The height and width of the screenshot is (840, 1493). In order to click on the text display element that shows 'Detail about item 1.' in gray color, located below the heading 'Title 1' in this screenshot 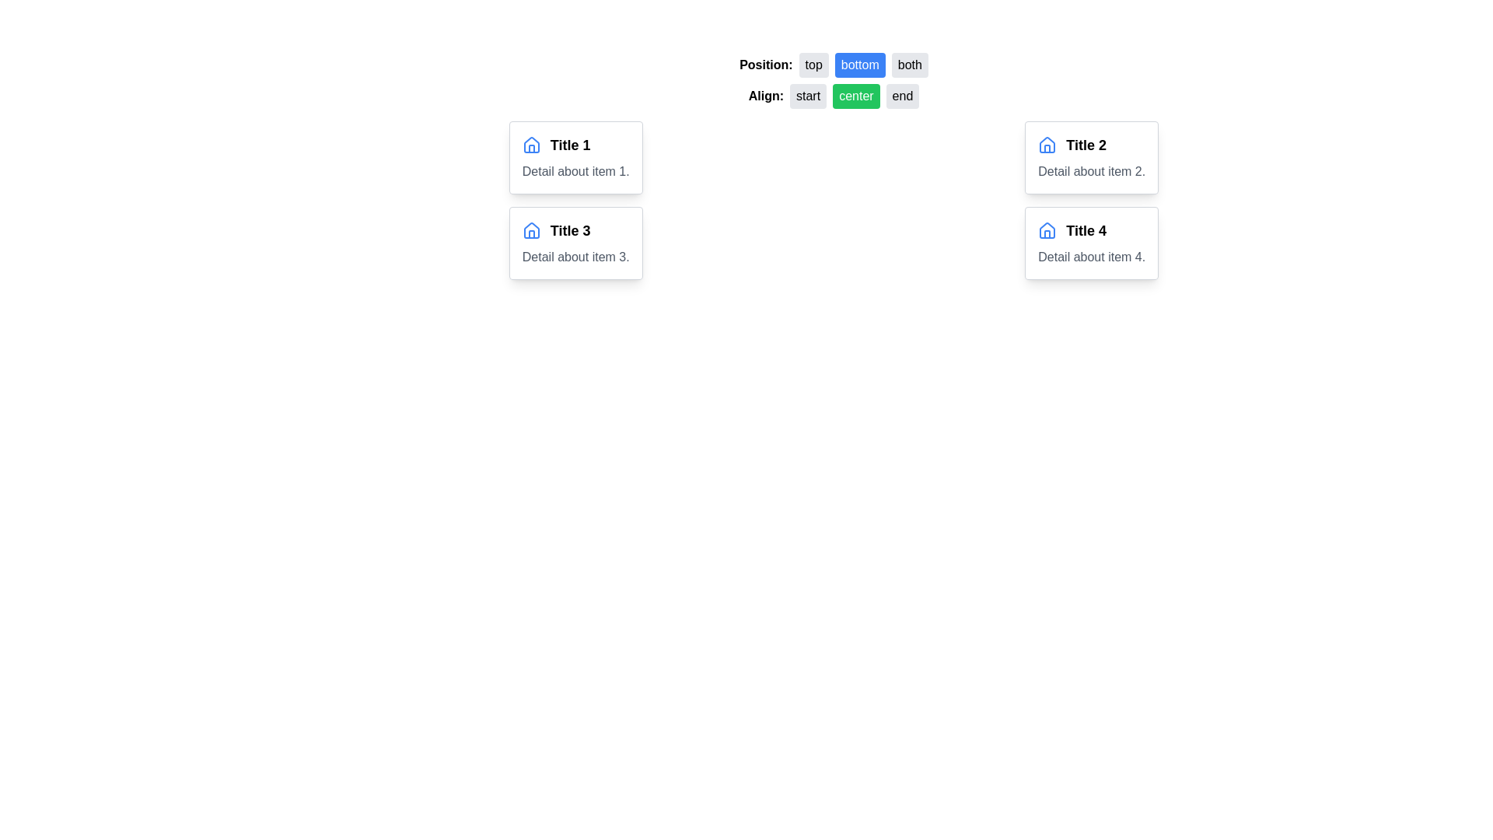, I will do `click(575, 171)`.